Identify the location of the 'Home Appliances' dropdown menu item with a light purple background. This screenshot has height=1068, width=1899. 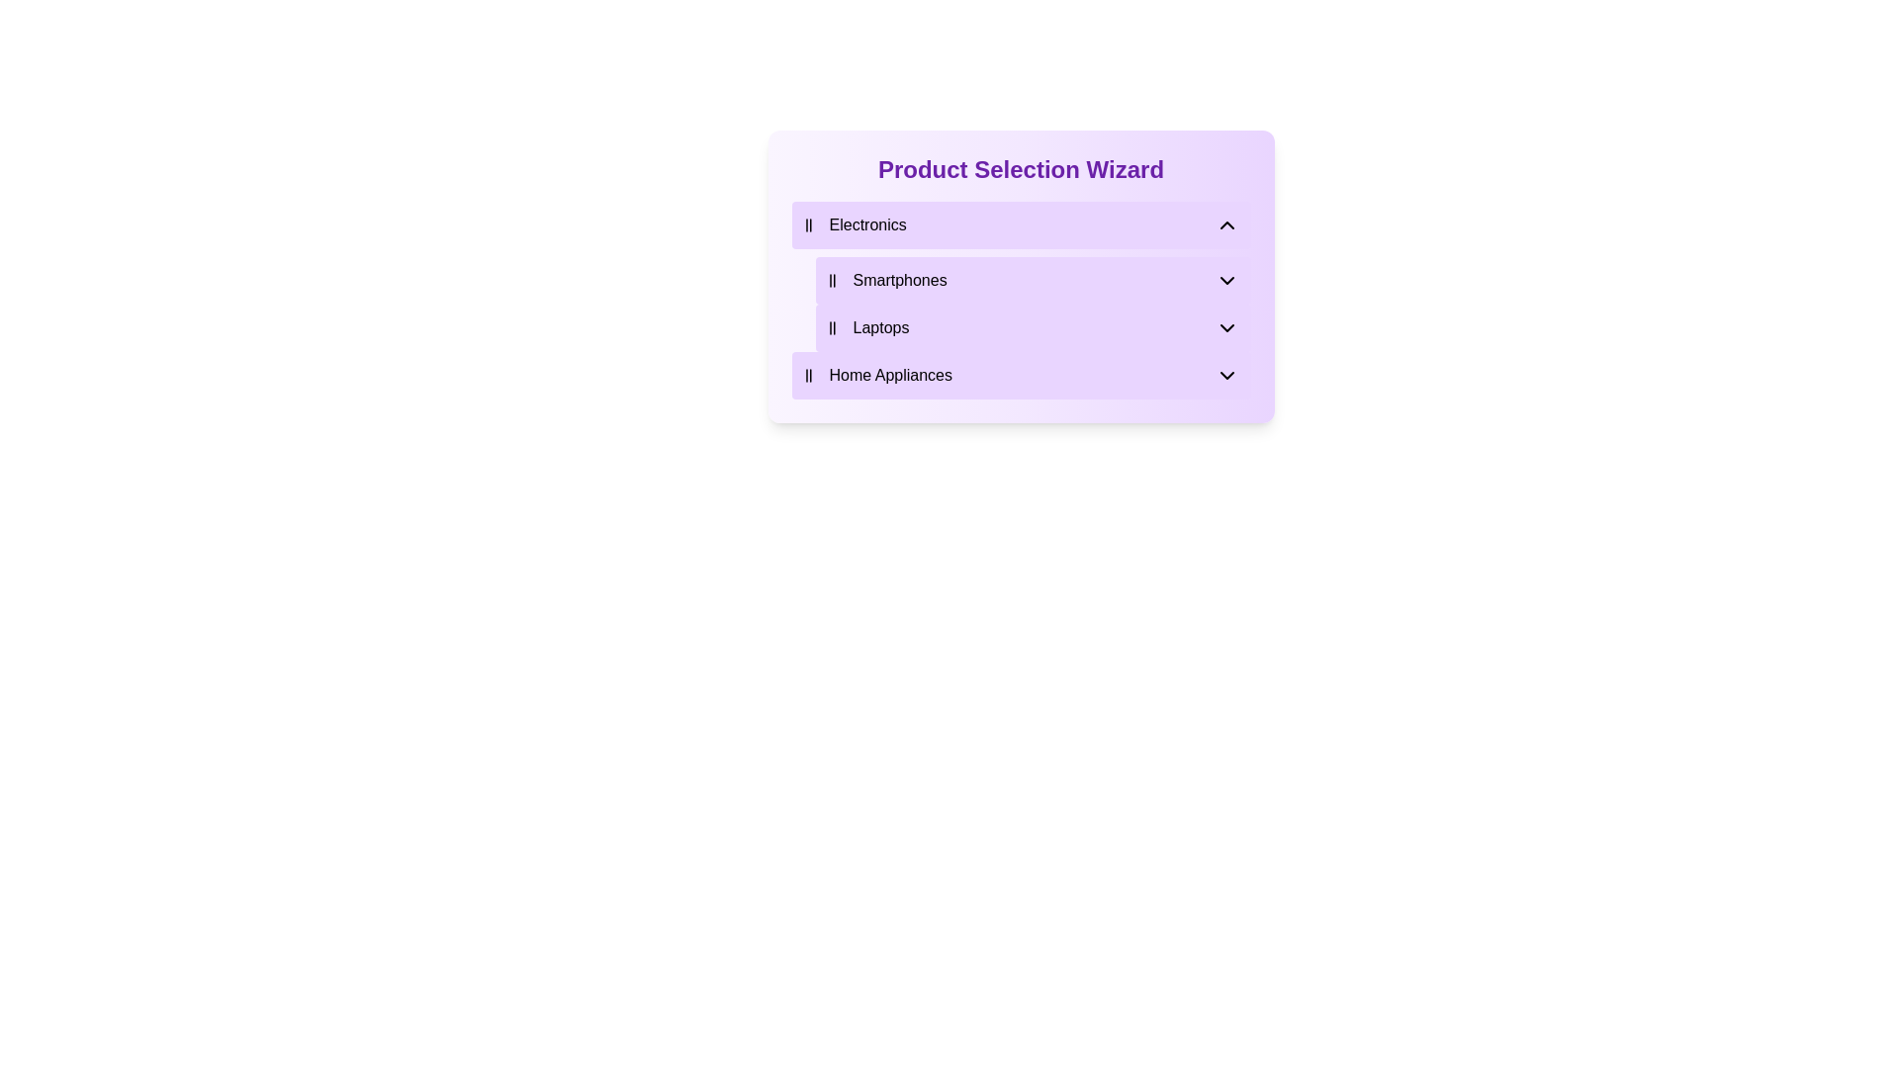
(1021, 376).